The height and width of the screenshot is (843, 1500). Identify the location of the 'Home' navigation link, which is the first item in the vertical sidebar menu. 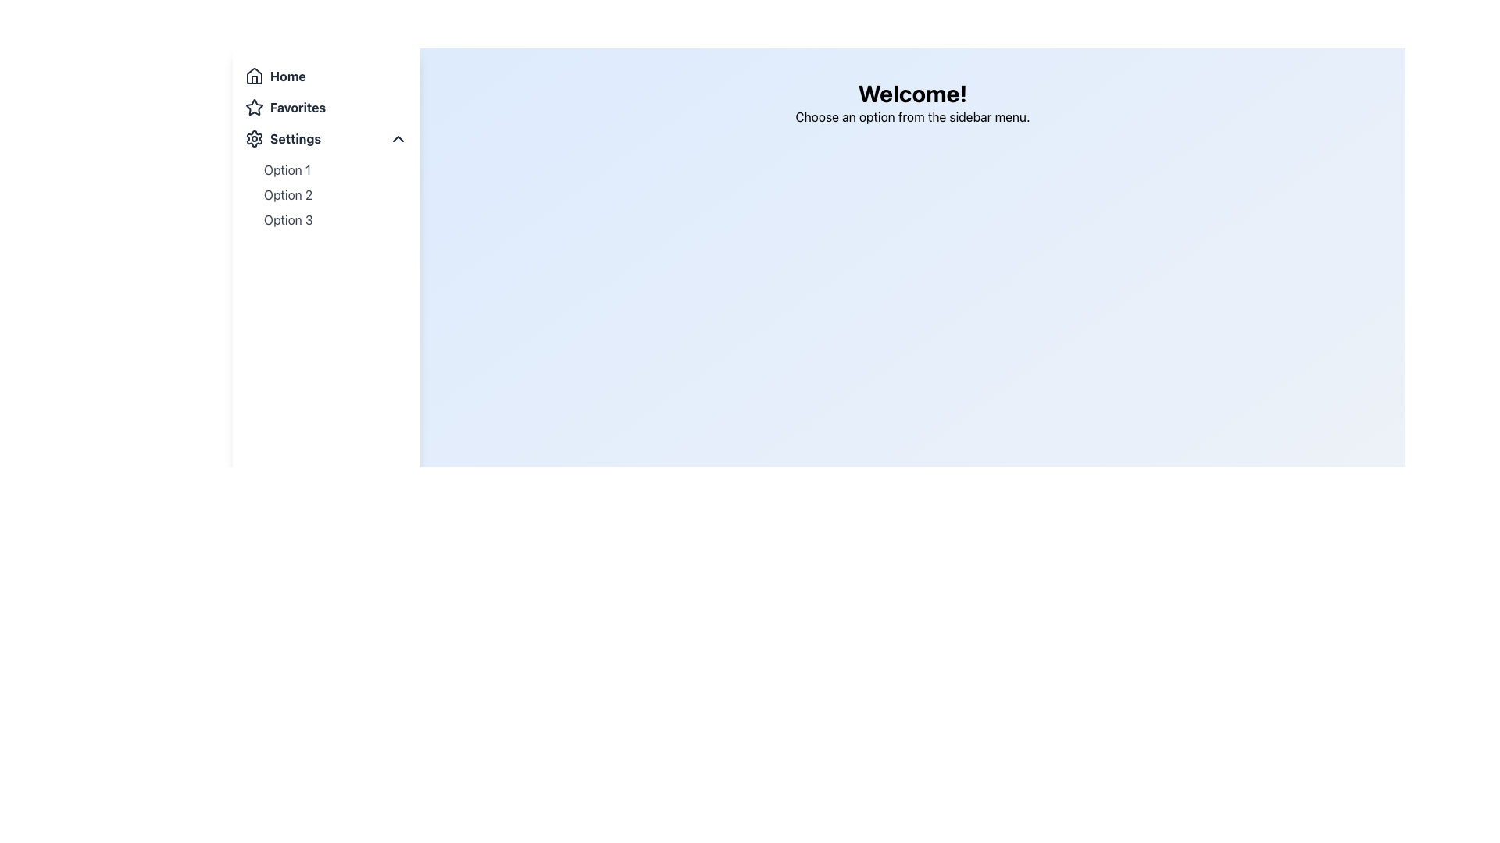
(325, 76).